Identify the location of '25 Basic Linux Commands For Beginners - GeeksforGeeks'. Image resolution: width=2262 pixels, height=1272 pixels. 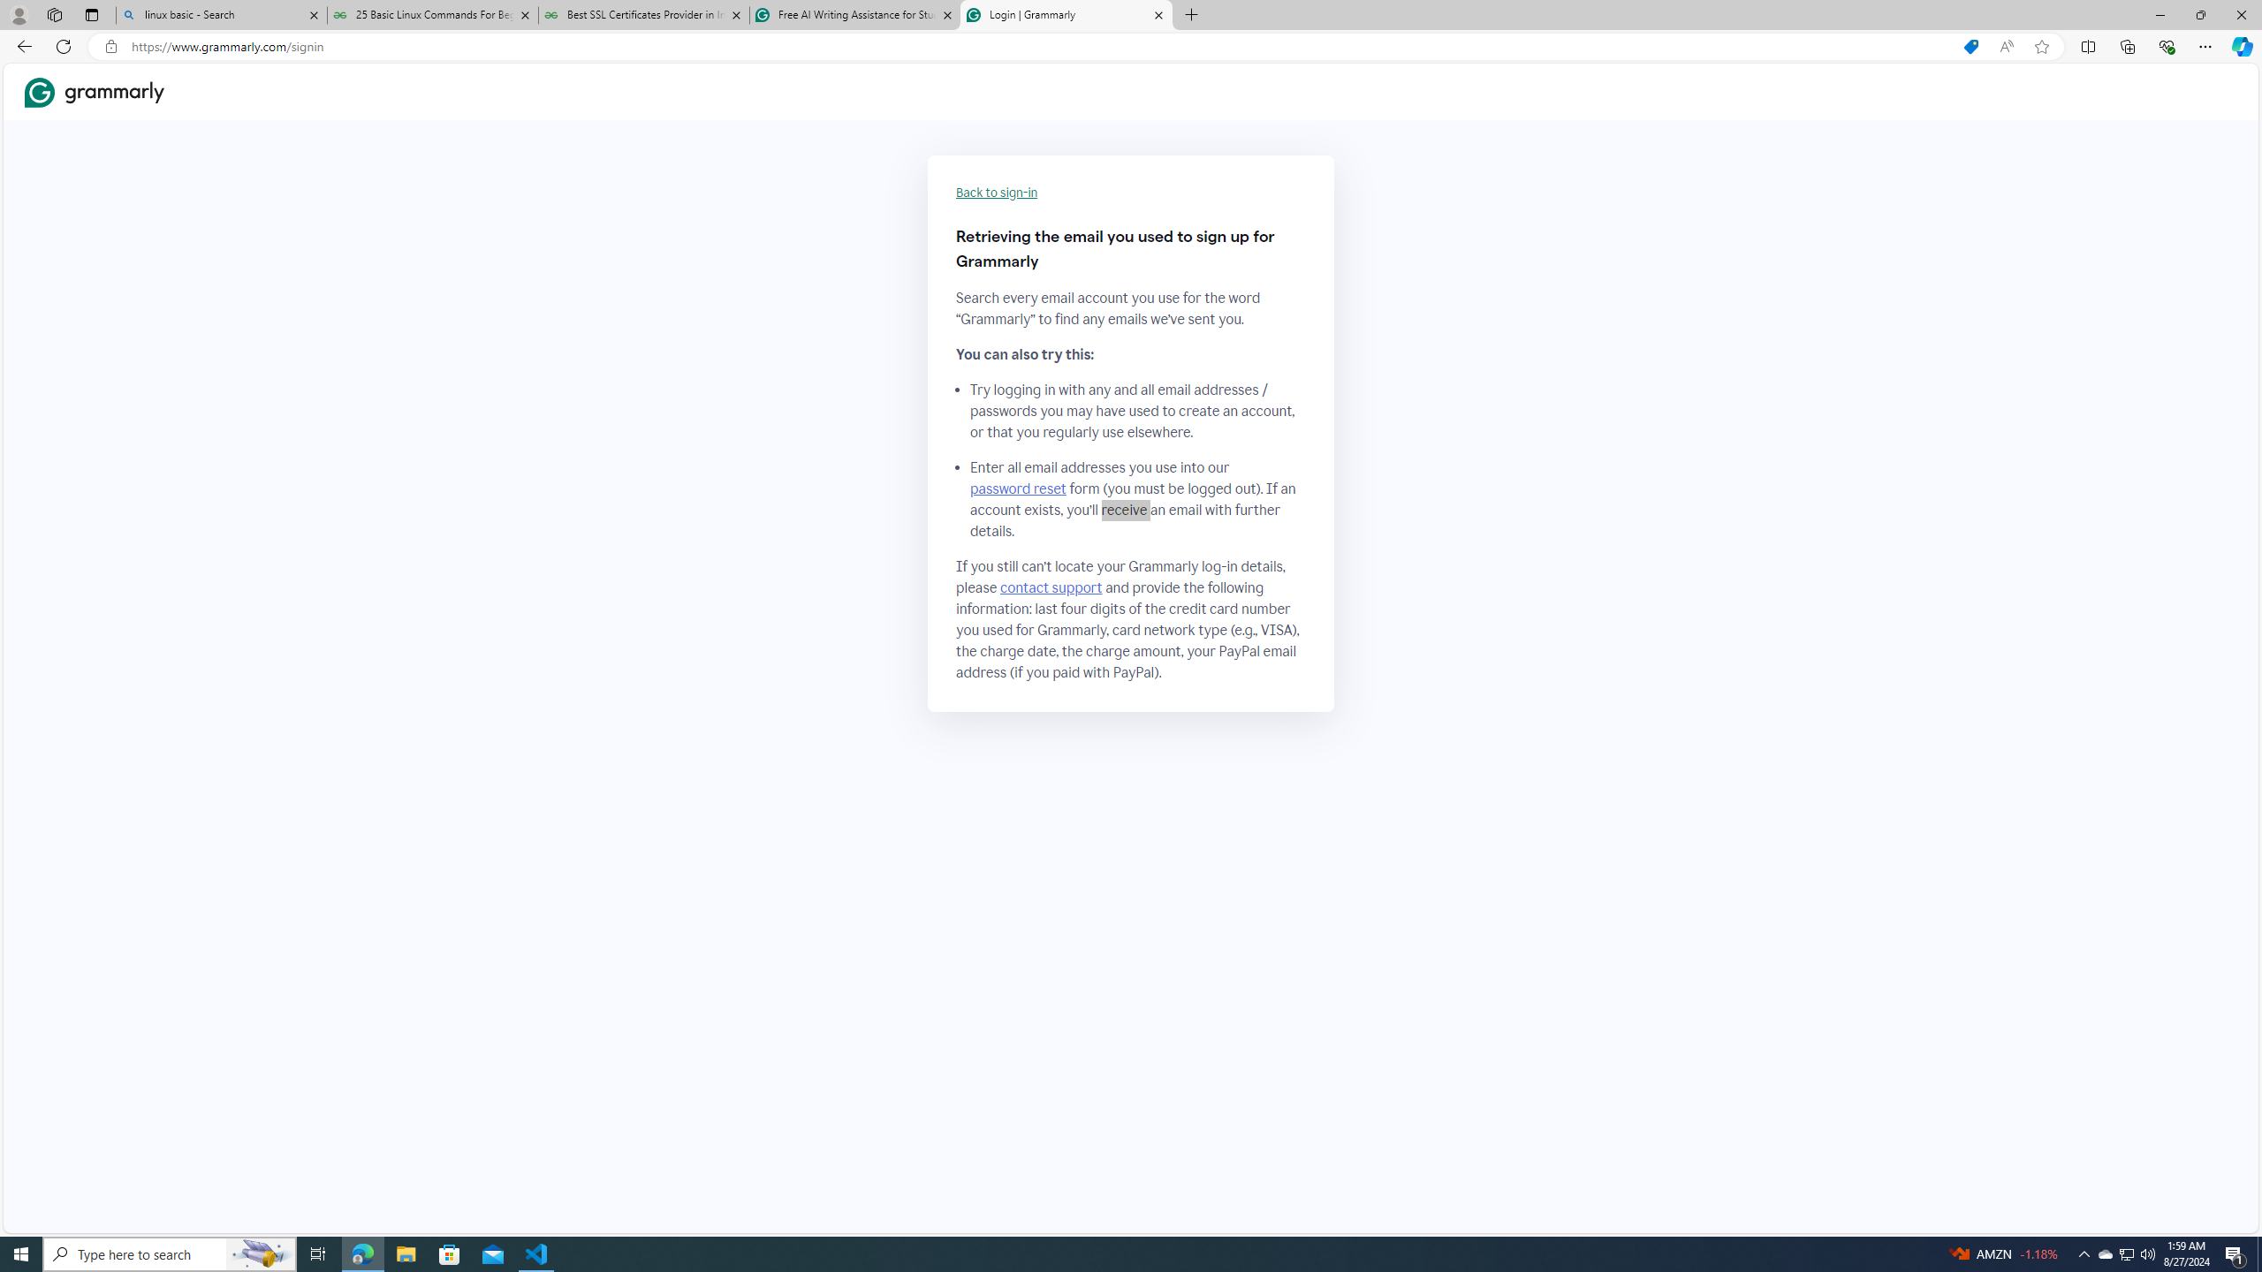
(431, 14).